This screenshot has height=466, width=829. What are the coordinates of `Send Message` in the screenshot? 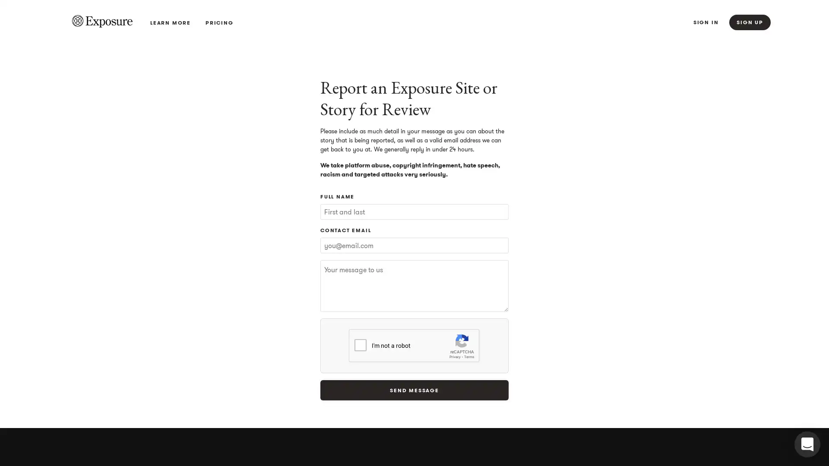 It's located at (414, 390).